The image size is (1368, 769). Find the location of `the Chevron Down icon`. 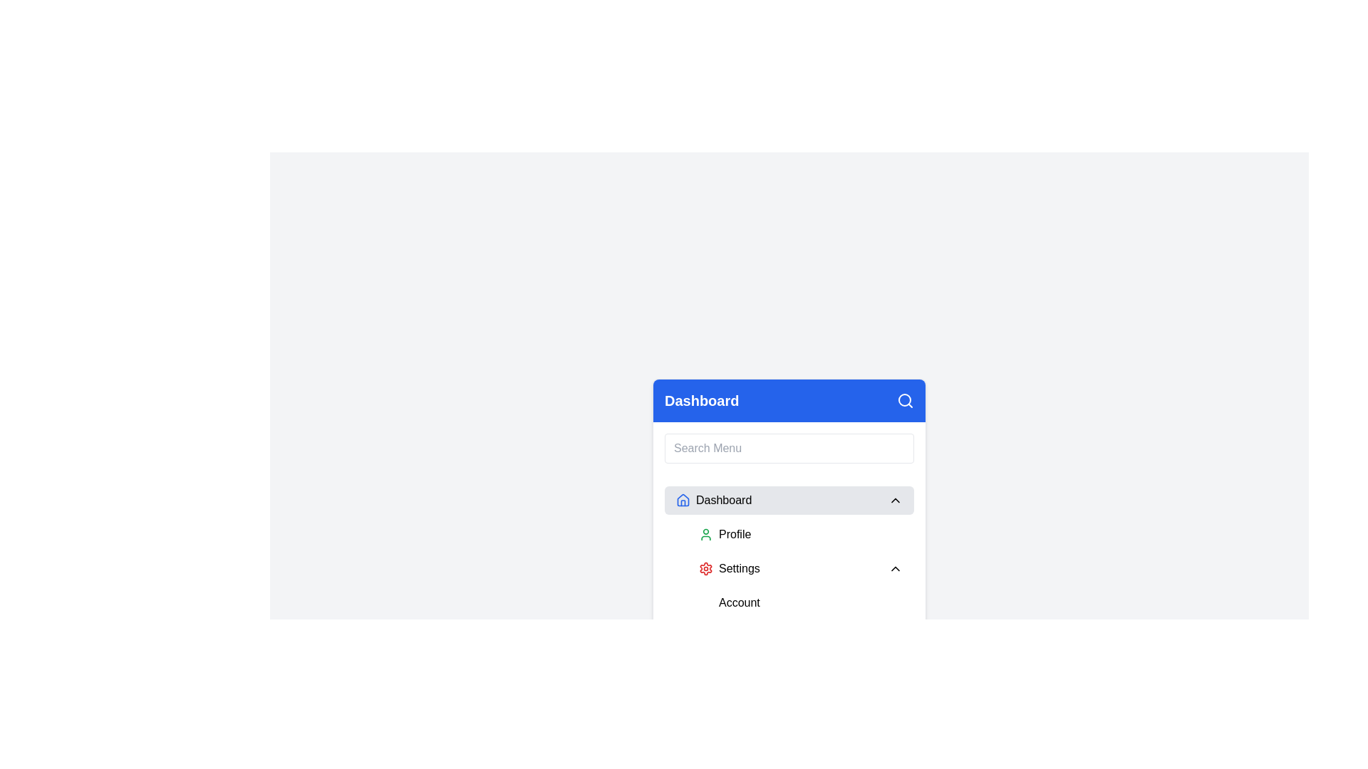

the Chevron Down icon is located at coordinates (895, 499).